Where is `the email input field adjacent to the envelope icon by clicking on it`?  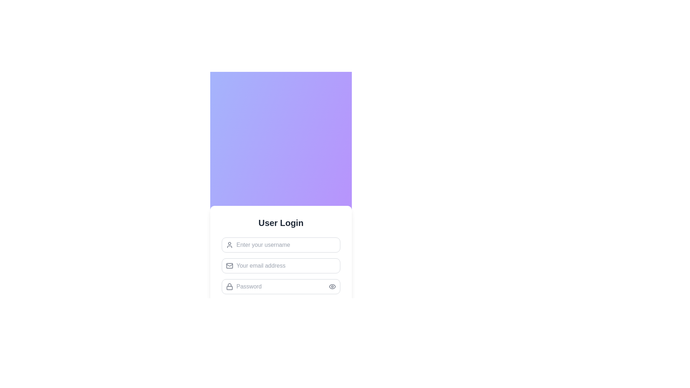
the email input field adjacent to the envelope icon by clicking on it is located at coordinates (229, 266).